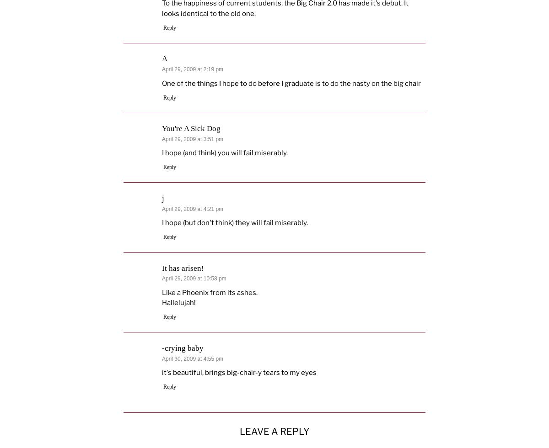 Image resolution: width=549 pixels, height=448 pixels. What do you see at coordinates (162, 58) in the screenshot?
I see `'A'` at bounding box center [162, 58].